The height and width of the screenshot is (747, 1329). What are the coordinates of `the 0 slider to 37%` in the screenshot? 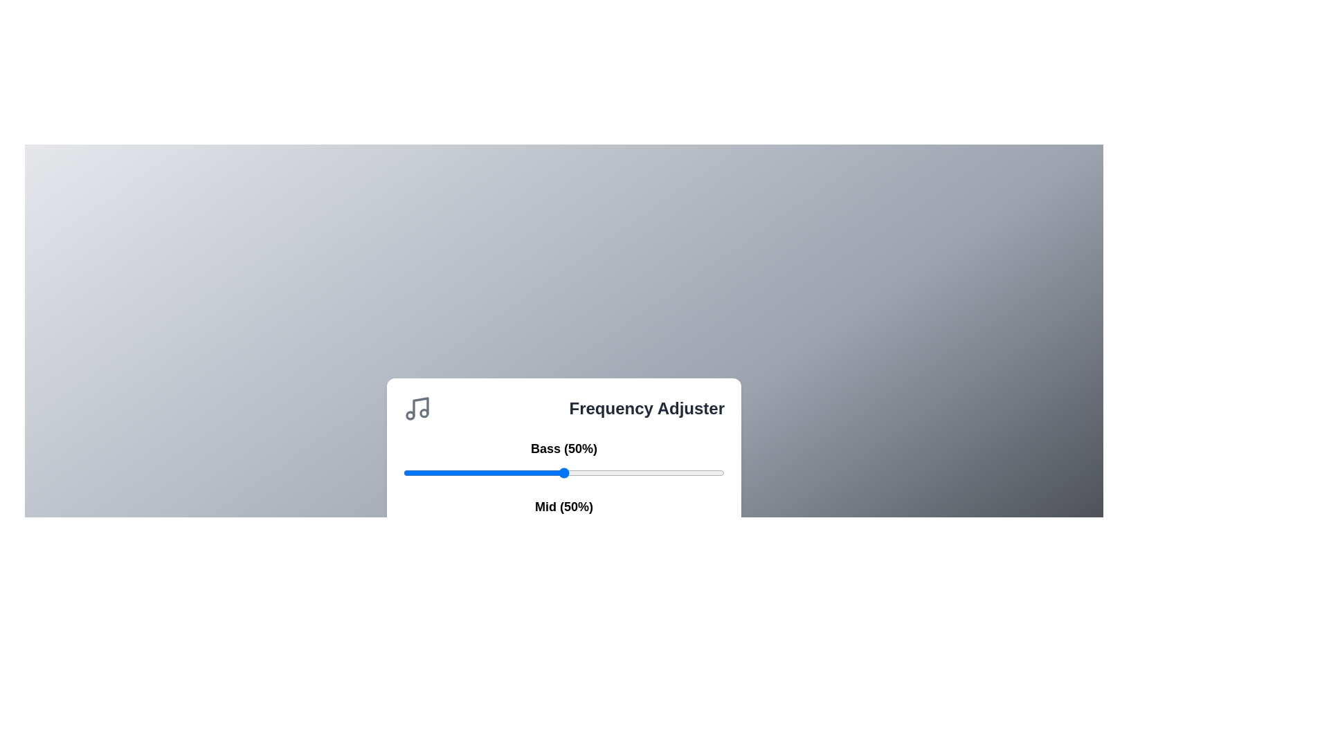 It's located at (682, 472).